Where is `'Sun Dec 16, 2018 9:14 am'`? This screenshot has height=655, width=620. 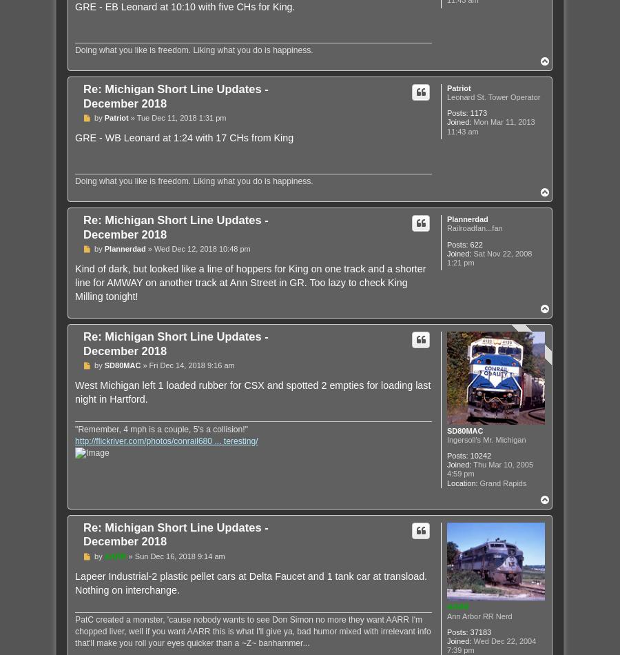 'Sun Dec 16, 2018 9:14 am' is located at coordinates (178, 554).